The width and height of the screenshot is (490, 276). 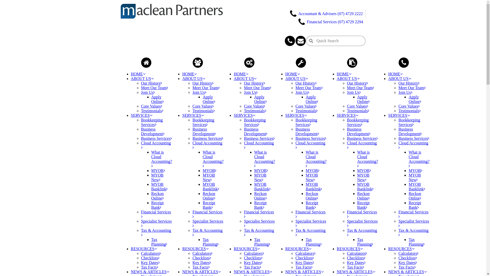 I want to click on 'Key Dates', so click(x=295, y=262).